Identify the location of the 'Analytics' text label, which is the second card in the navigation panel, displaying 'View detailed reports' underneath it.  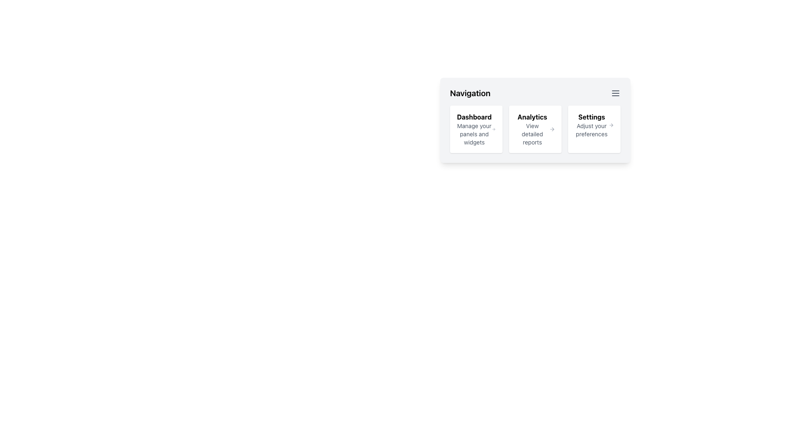
(532, 129).